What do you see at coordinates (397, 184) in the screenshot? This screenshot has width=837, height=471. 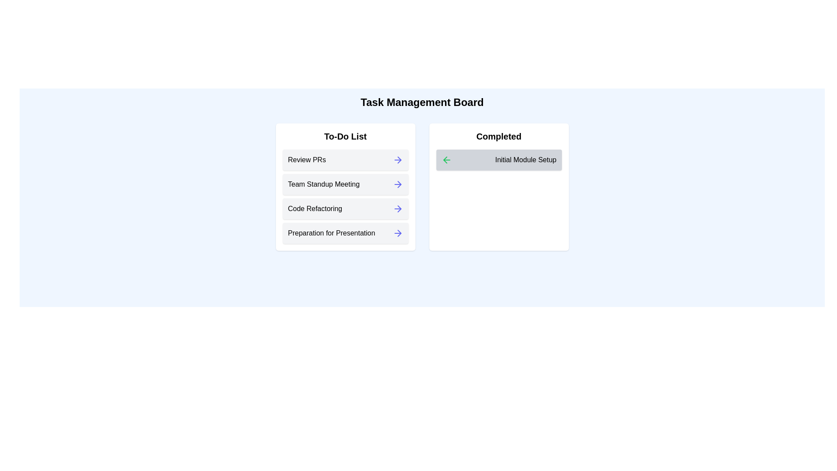 I see `the arrow next to the task 'Team Standup Meeting' in the 'To-Do List' to move it to the 'Completed' list` at bounding box center [397, 184].